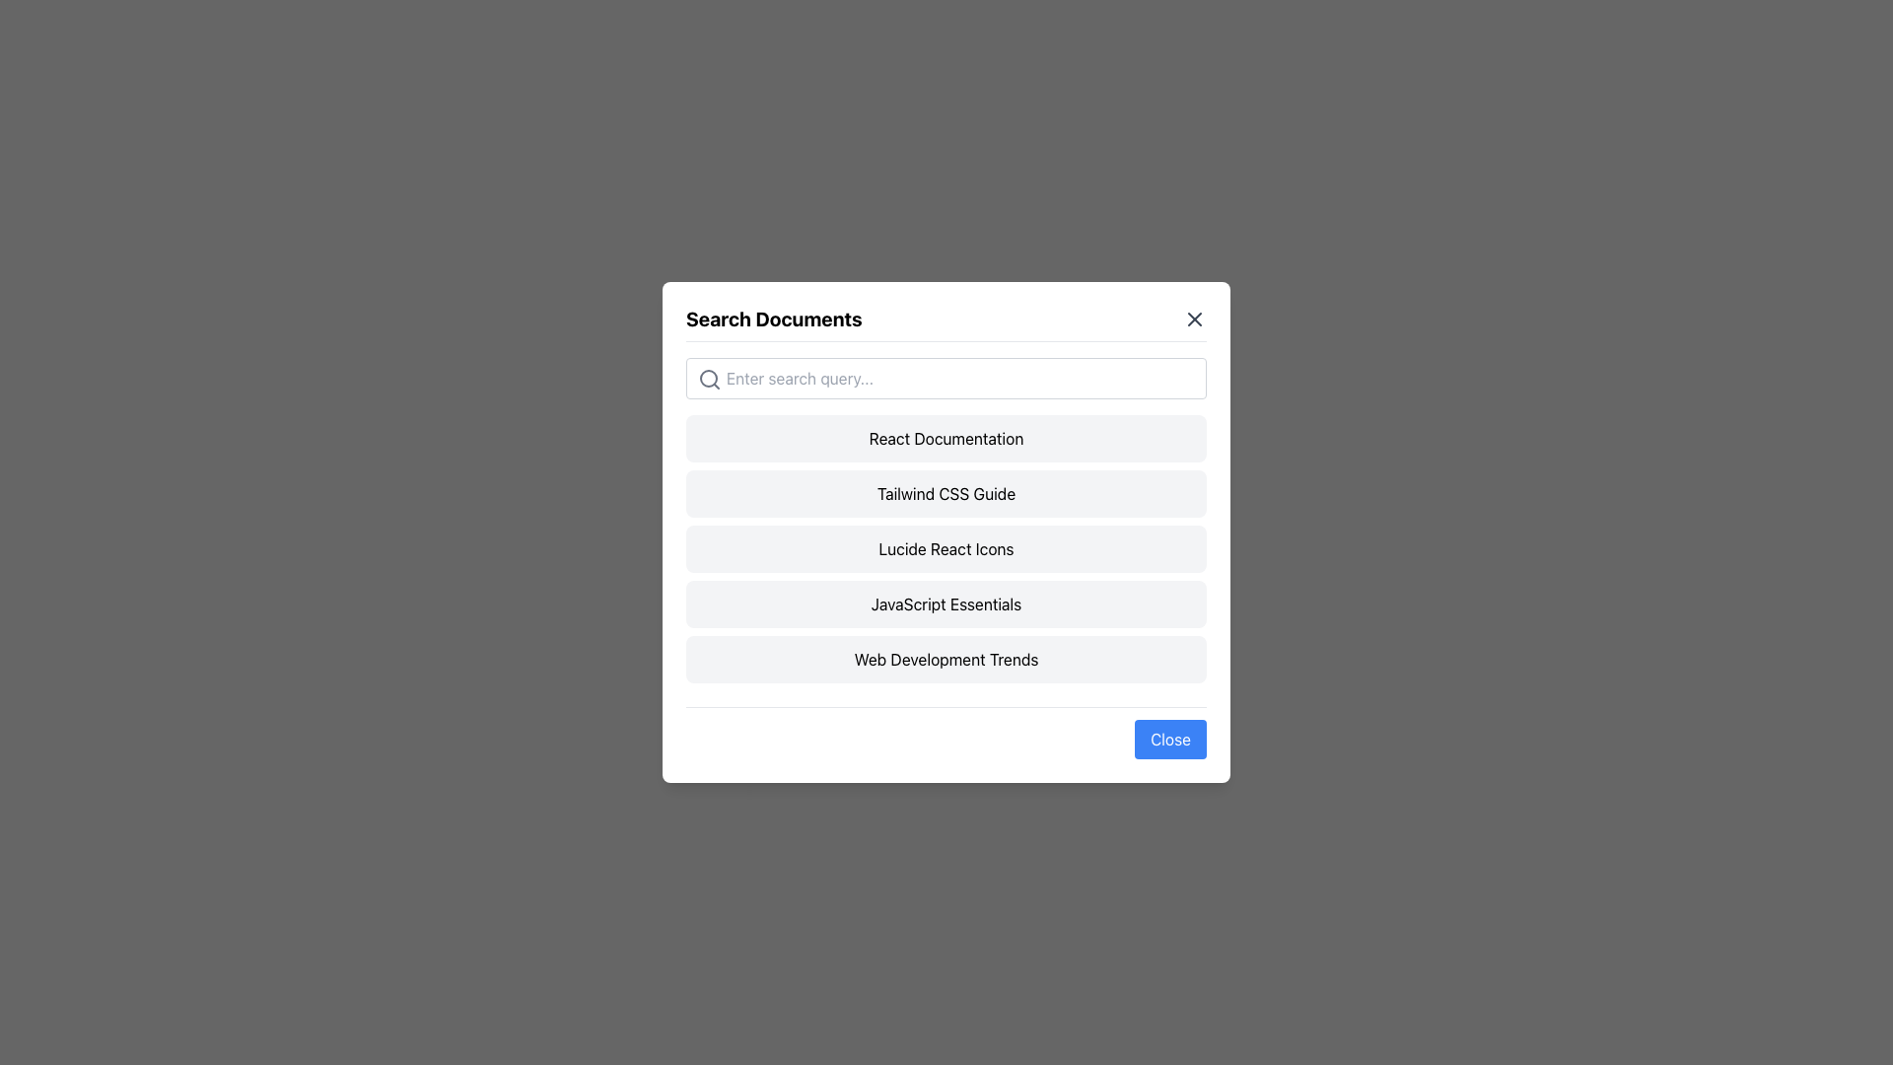  I want to click on the 'Tailwind CSS Guide' button located in the modal titled 'Search Documents', which is the second button in a vertical list, so click(946, 493).